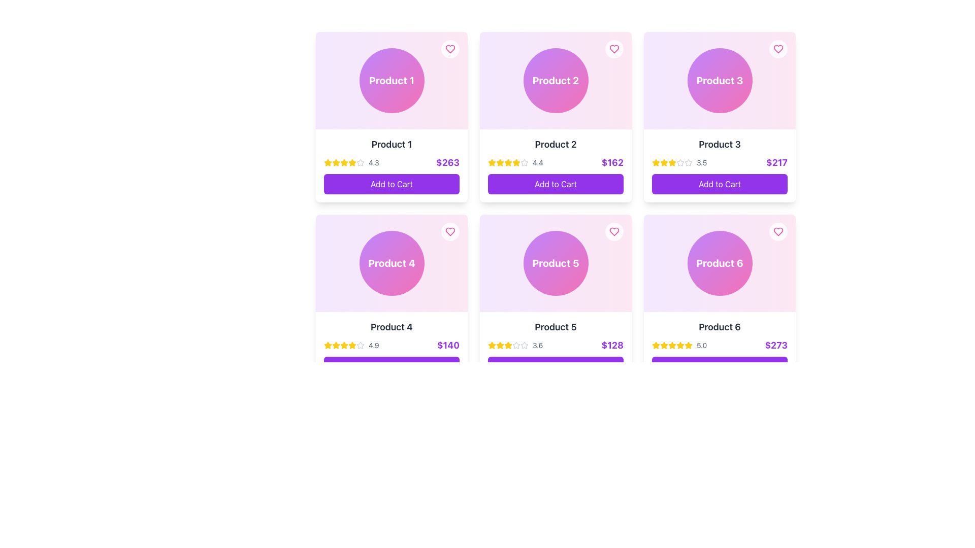 The image size is (975, 548). I want to click on the first yellow star-shaped rating icon beneath the 'Product 1' label in the top-left product card, so click(328, 162).